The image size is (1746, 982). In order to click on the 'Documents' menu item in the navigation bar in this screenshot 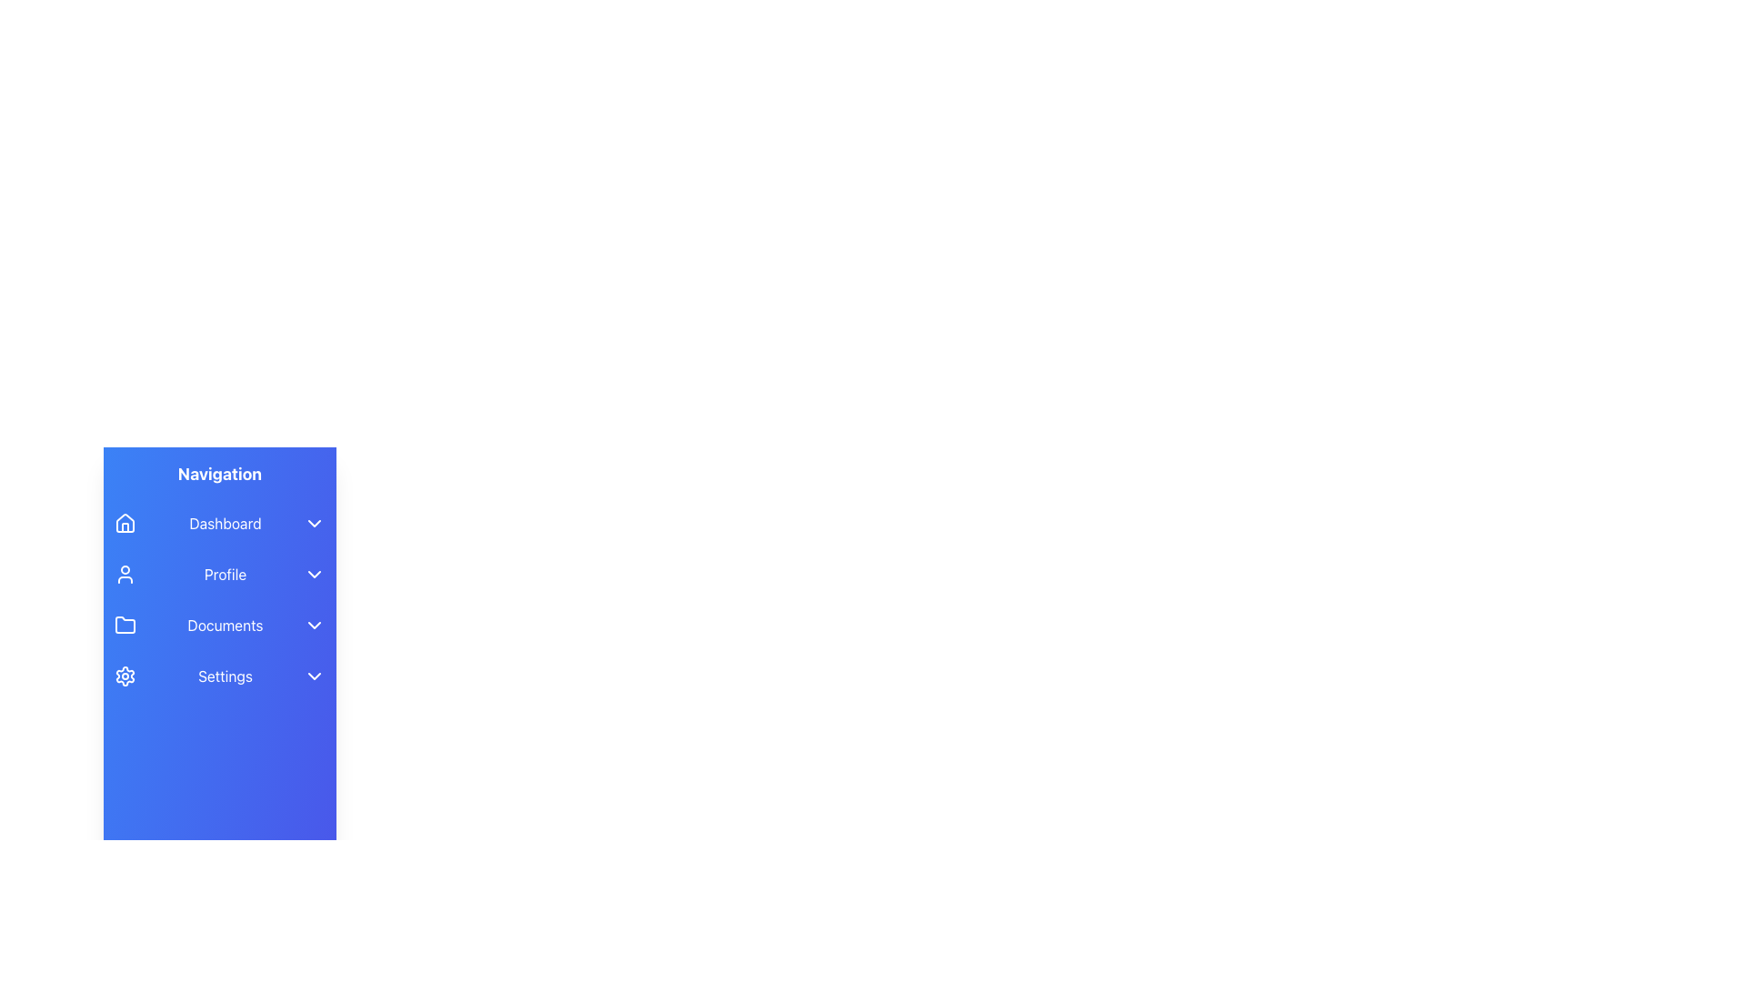, I will do `click(218, 624)`.